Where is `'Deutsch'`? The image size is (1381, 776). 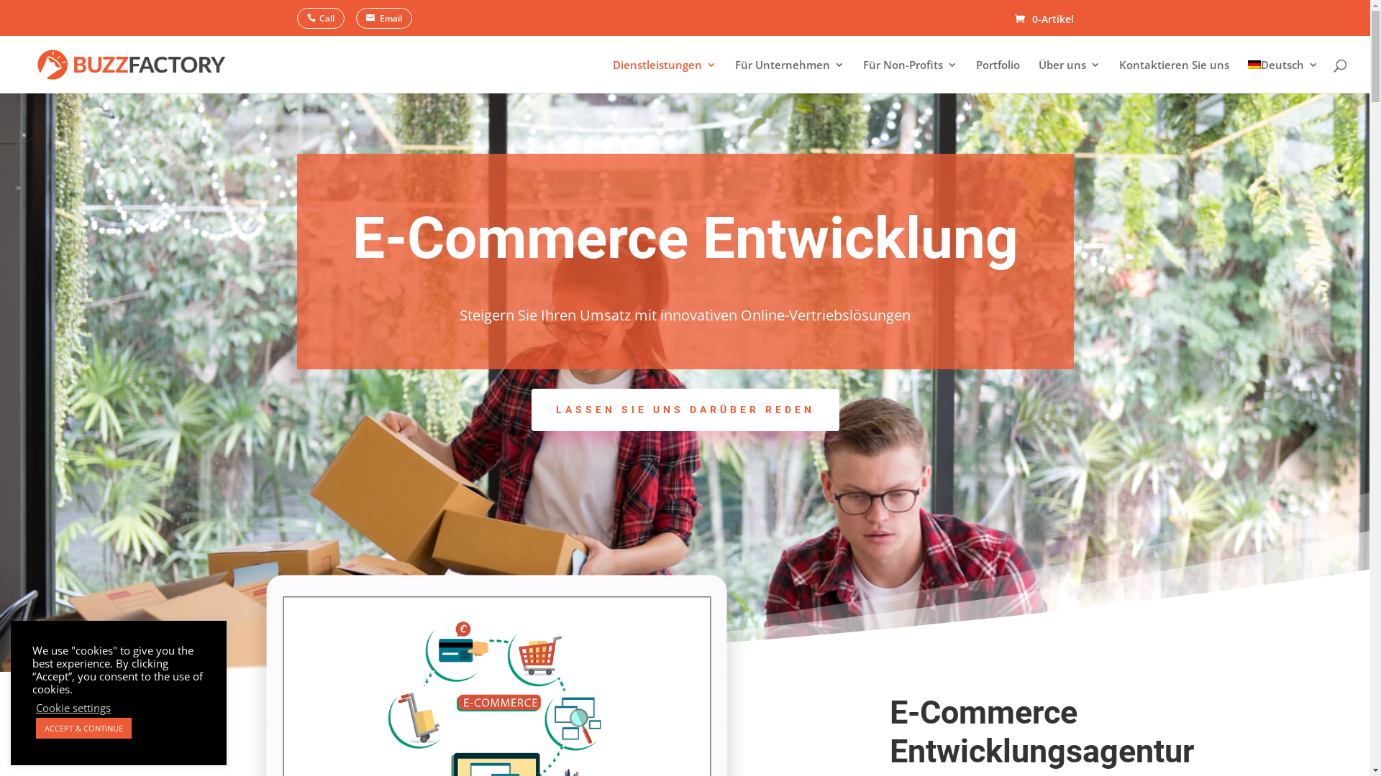 'Deutsch' is located at coordinates (1283, 76).